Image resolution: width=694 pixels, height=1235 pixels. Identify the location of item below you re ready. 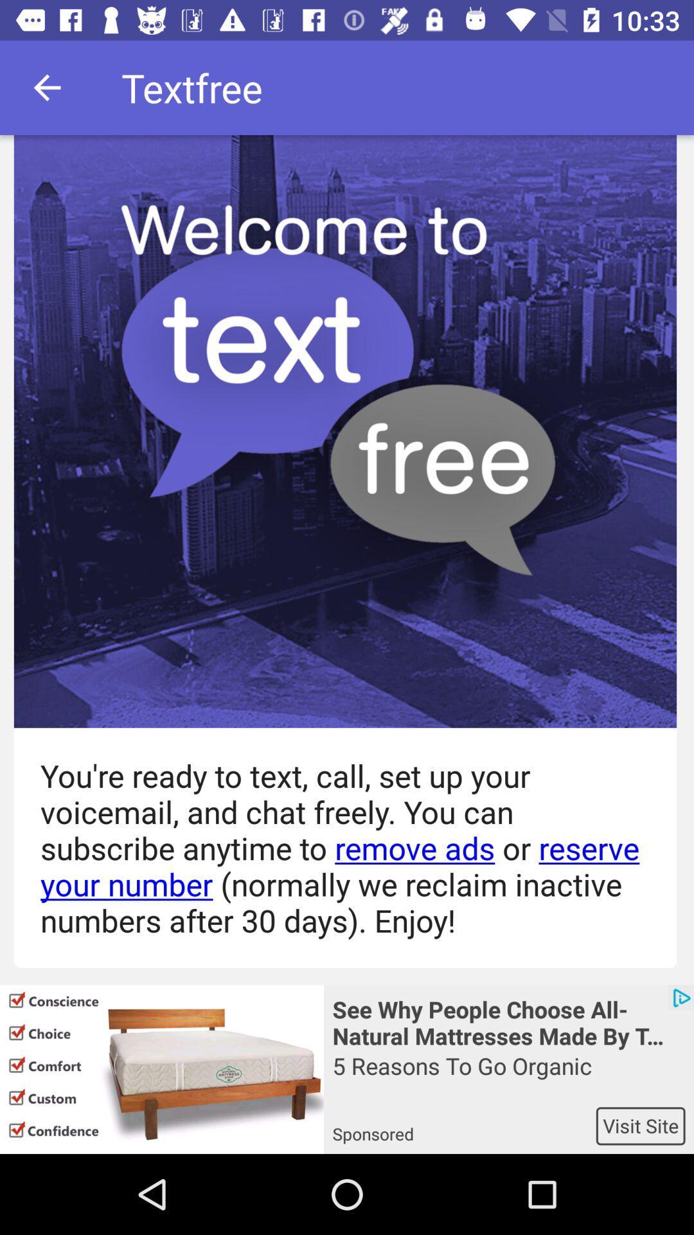
(508, 1021).